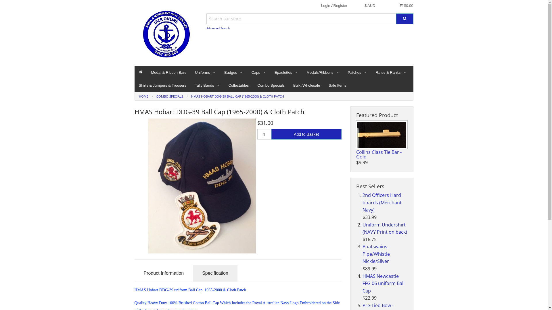 The image size is (552, 310). Describe the element at coordinates (237, 96) in the screenshot. I see `'HMAS HOBART DDG-39 BALL CAP (1965-2000) & CLOTH PATCH'` at that location.